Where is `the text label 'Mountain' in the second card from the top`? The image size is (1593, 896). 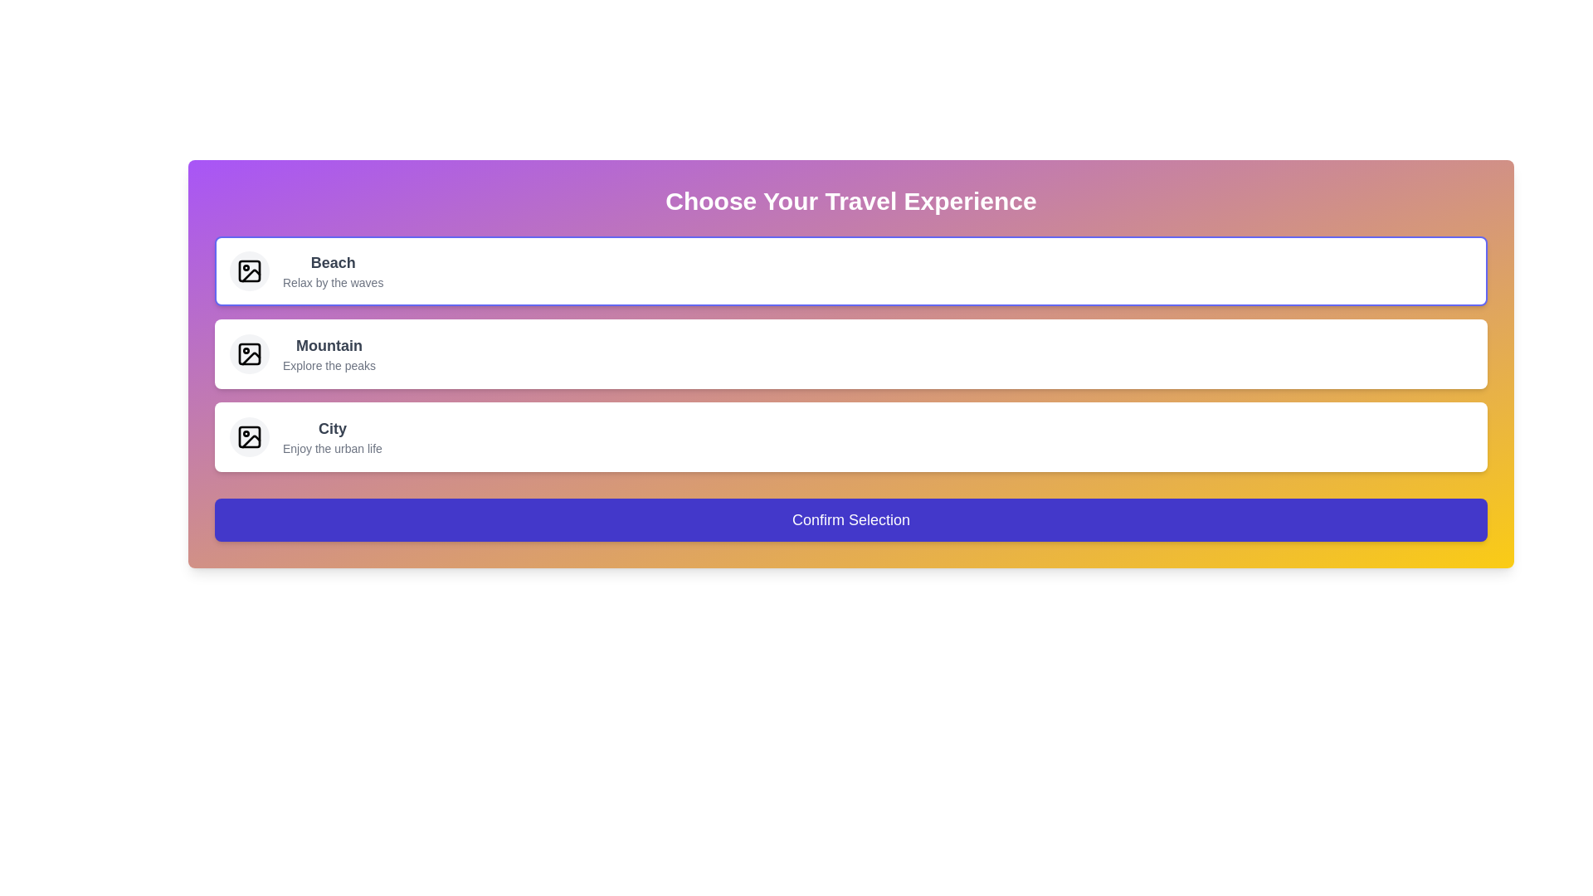 the text label 'Mountain' in the second card from the top is located at coordinates (329, 353).